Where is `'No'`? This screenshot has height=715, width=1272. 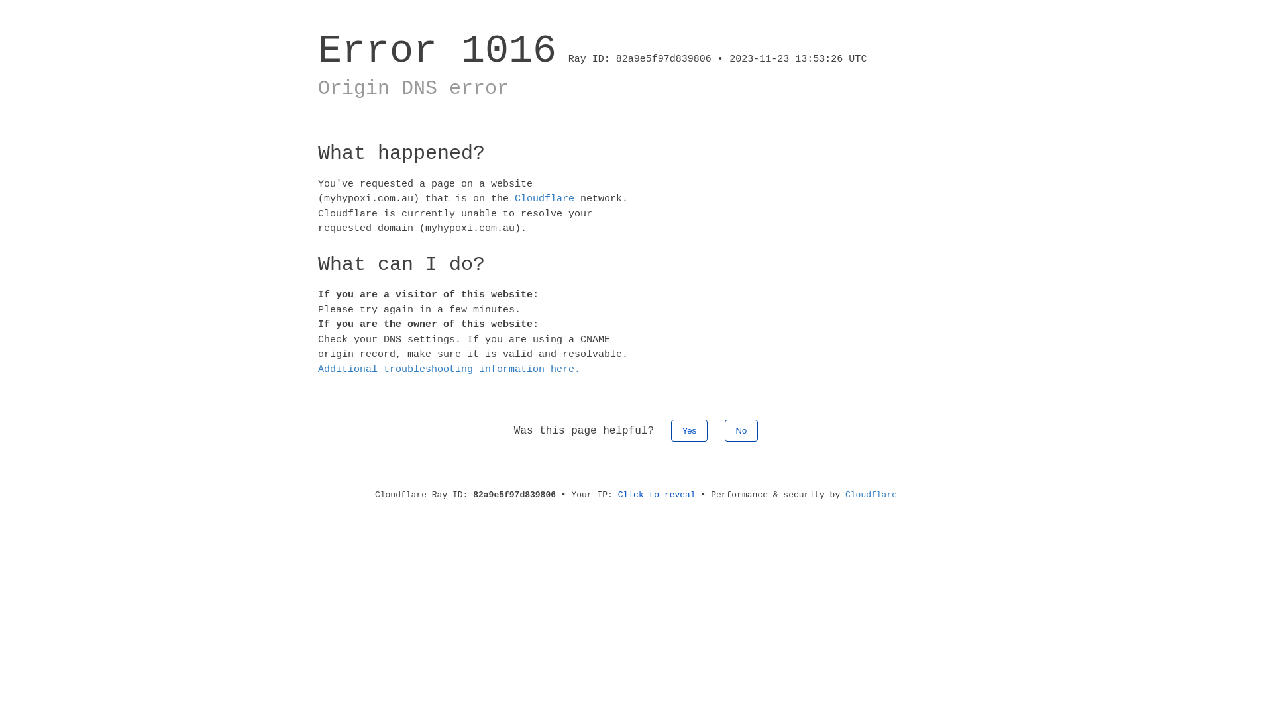 'No' is located at coordinates (724, 430).